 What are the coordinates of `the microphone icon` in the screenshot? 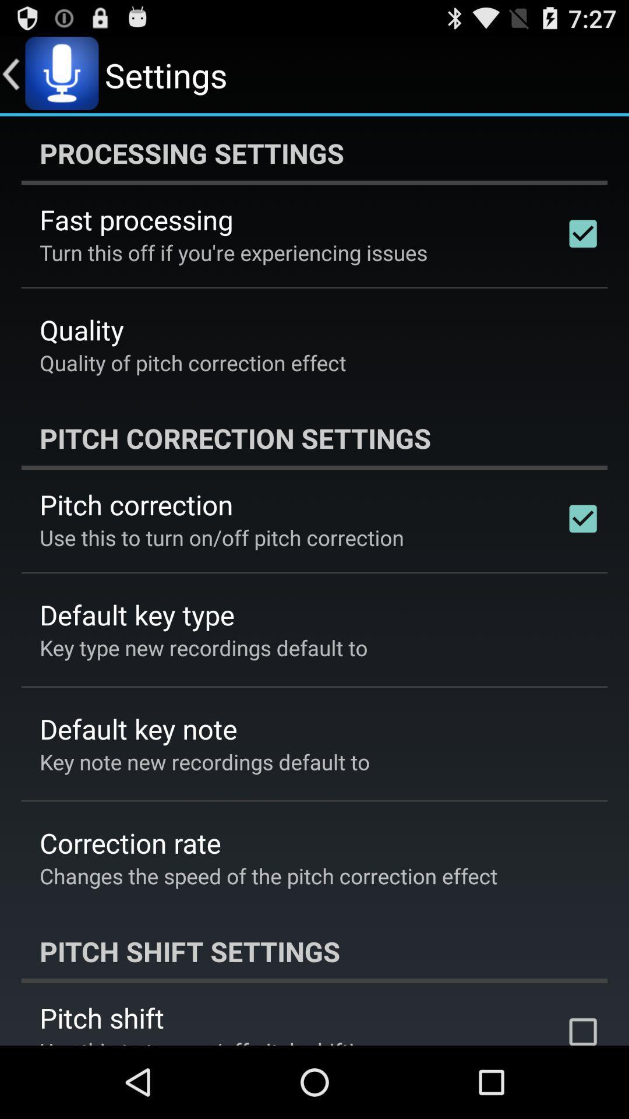 It's located at (48, 78).